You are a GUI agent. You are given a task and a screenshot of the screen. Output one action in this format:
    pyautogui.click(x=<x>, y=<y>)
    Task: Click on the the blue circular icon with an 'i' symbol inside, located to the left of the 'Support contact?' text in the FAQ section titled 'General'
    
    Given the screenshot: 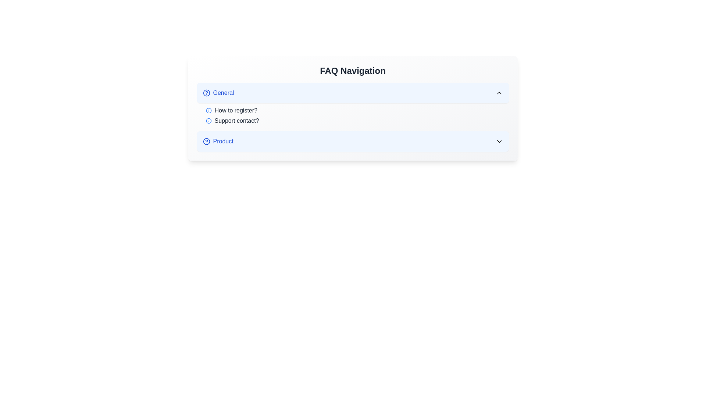 What is the action you would take?
    pyautogui.click(x=208, y=120)
    